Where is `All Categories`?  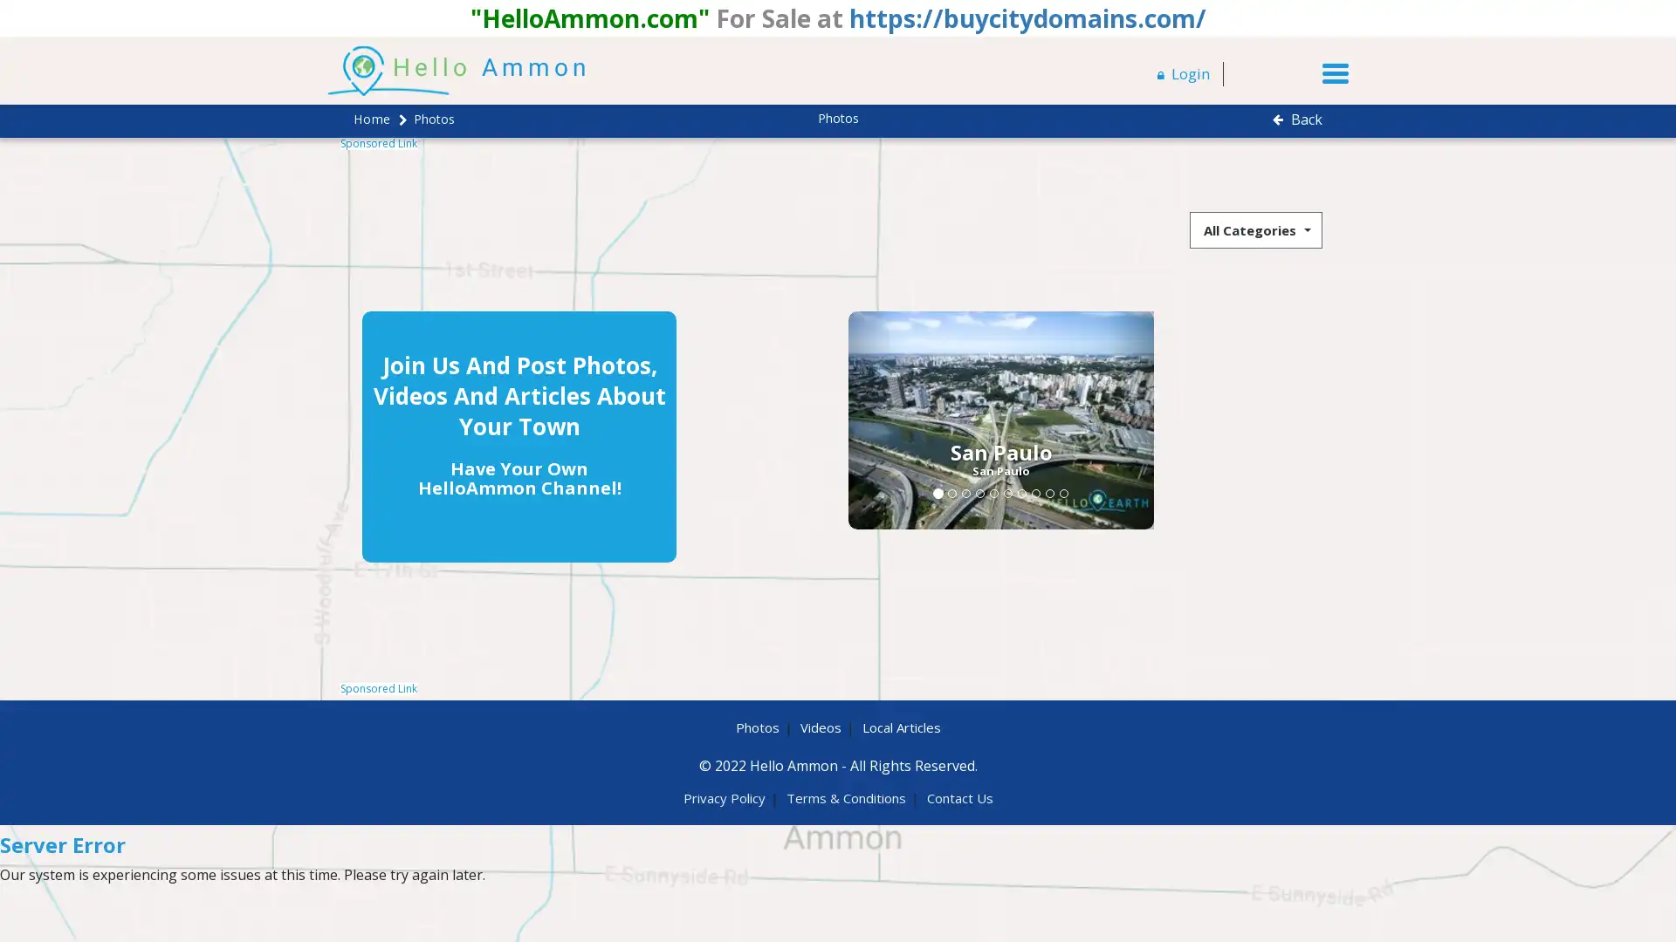
All Categories is located at coordinates (1255, 228).